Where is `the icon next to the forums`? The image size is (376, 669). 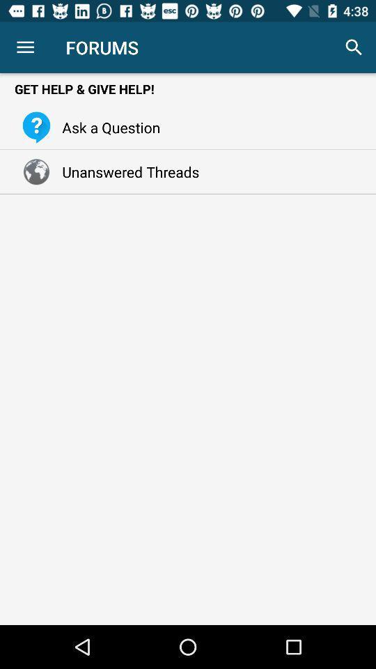
the icon next to the forums is located at coordinates (354, 47).